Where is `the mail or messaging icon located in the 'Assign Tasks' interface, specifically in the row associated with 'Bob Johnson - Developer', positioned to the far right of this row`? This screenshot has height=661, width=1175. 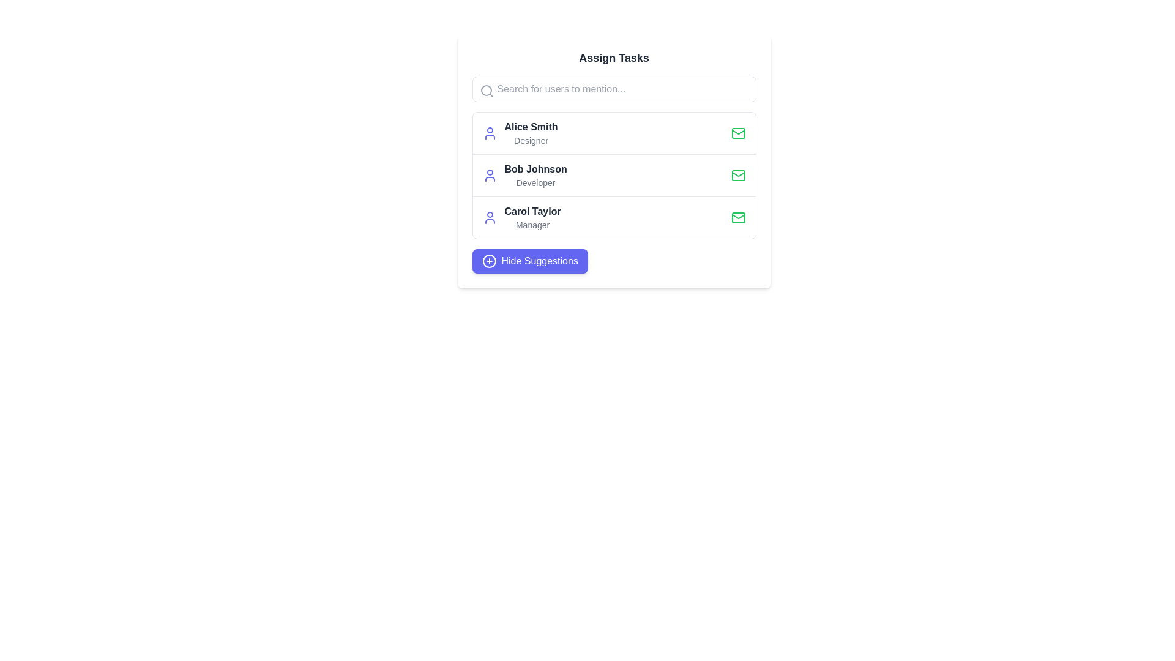 the mail or messaging icon located in the 'Assign Tasks' interface, specifically in the row associated with 'Bob Johnson - Developer', positioned to the far right of this row is located at coordinates (737, 175).